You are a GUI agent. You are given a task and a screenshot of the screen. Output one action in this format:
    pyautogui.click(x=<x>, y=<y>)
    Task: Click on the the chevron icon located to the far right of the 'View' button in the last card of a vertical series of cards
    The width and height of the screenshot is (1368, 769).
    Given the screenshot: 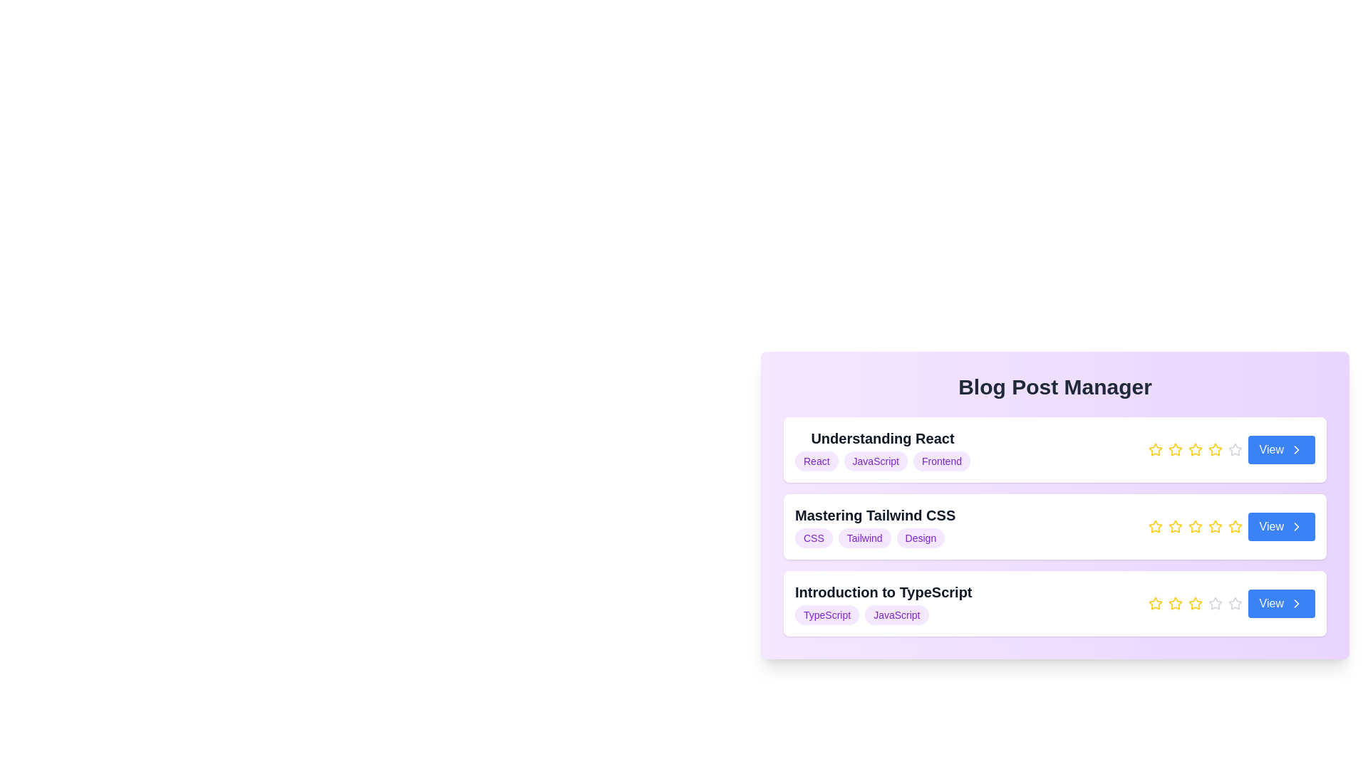 What is the action you would take?
    pyautogui.click(x=1296, y=604)
    